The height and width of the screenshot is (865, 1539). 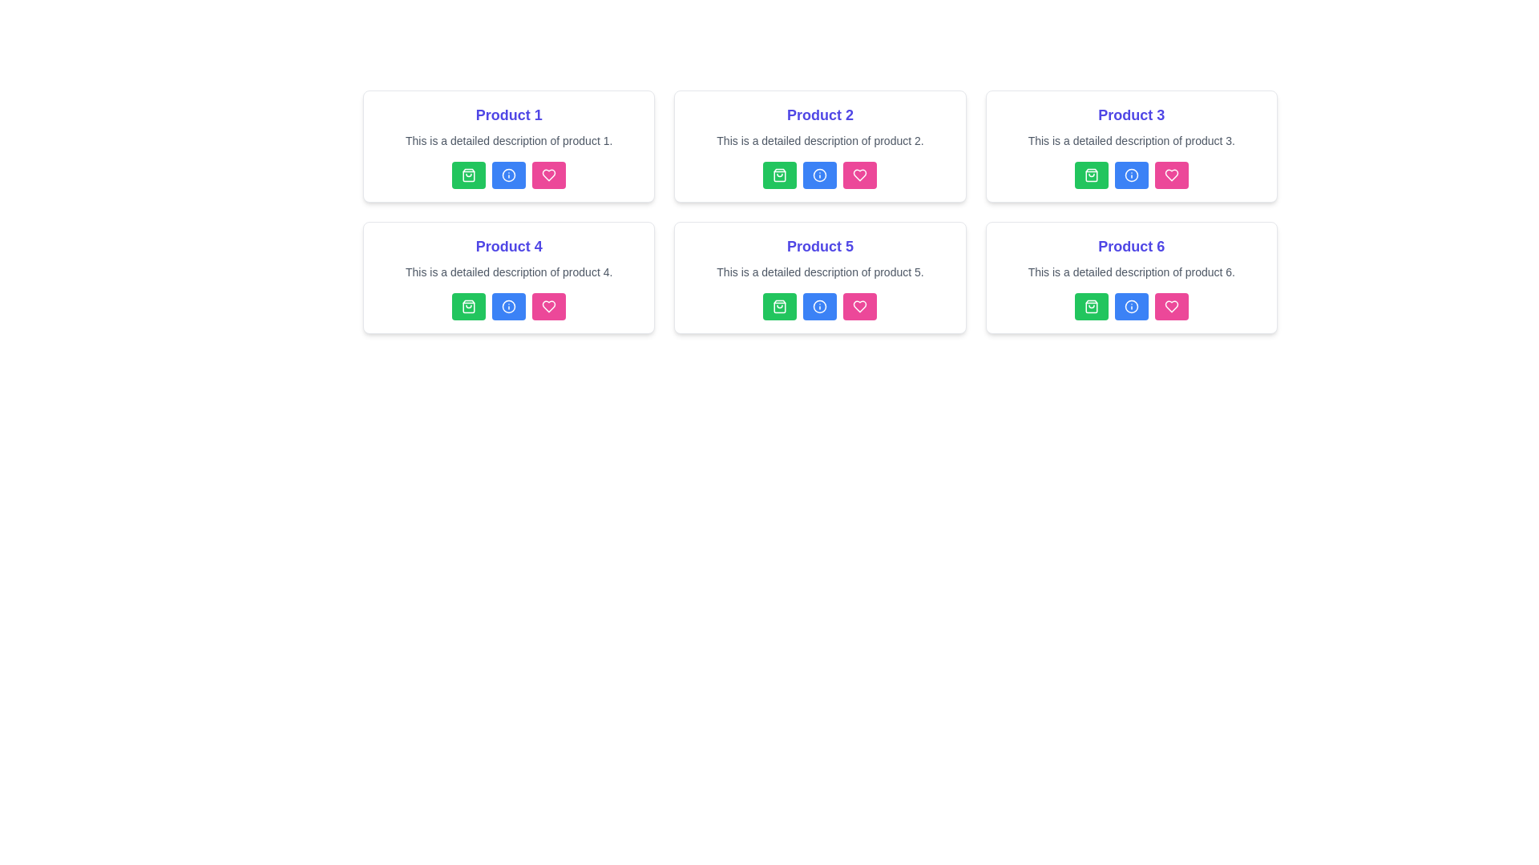 What do you see at coordinates (820, 306) in the screenshot?
I see `the 'info' icon, which is the middle icon in the sequence of three actions under the 'Product 5' section` at bounding box center [820, 306].